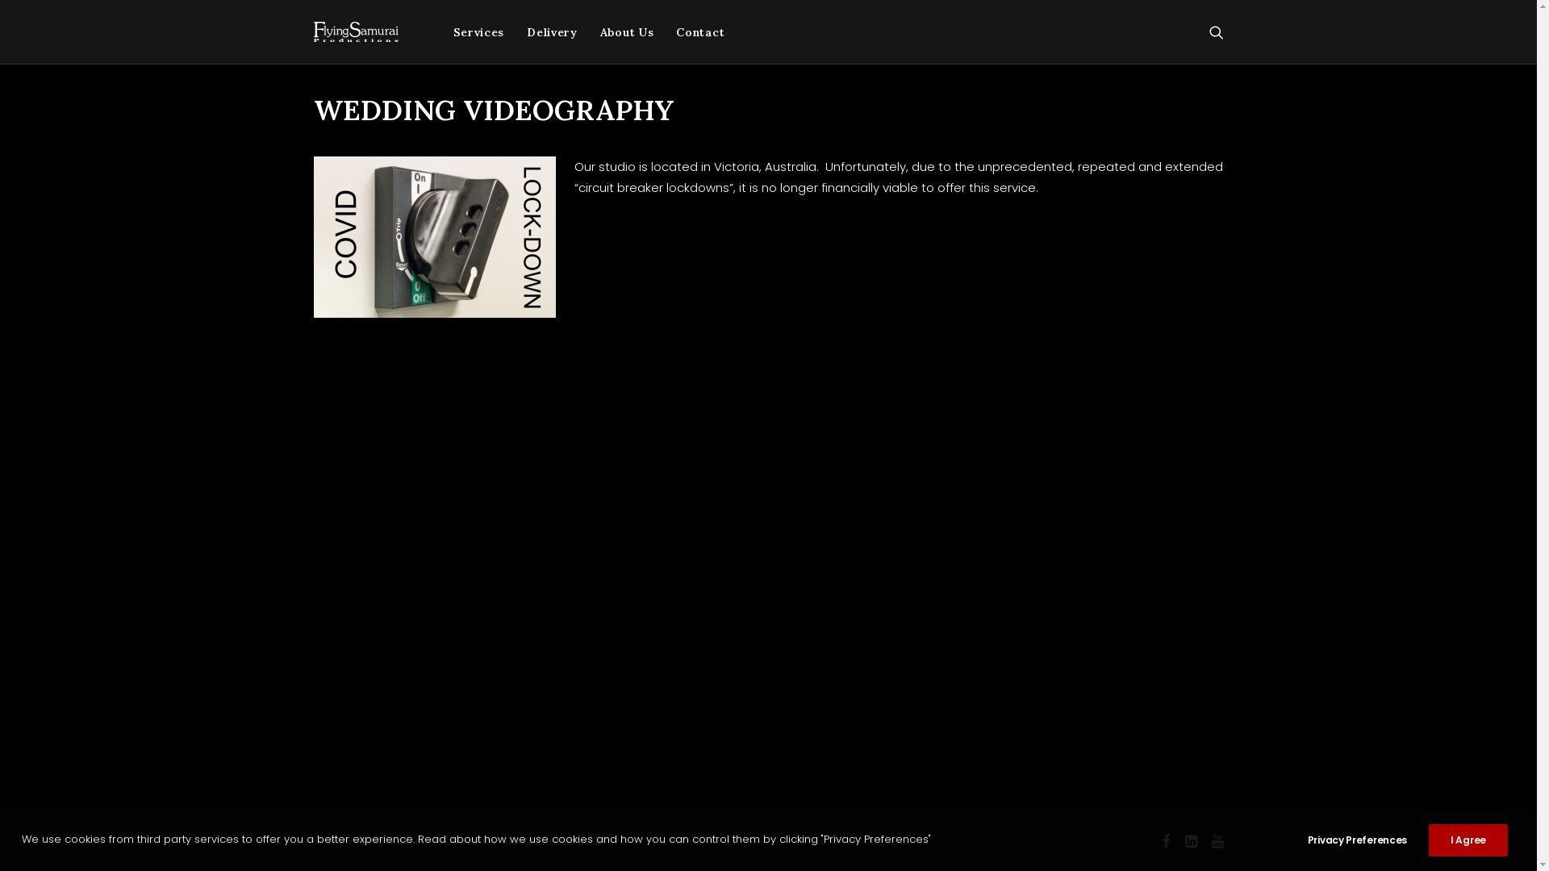  I want to click on 'Privacy Preferences', so click(1367, 839).